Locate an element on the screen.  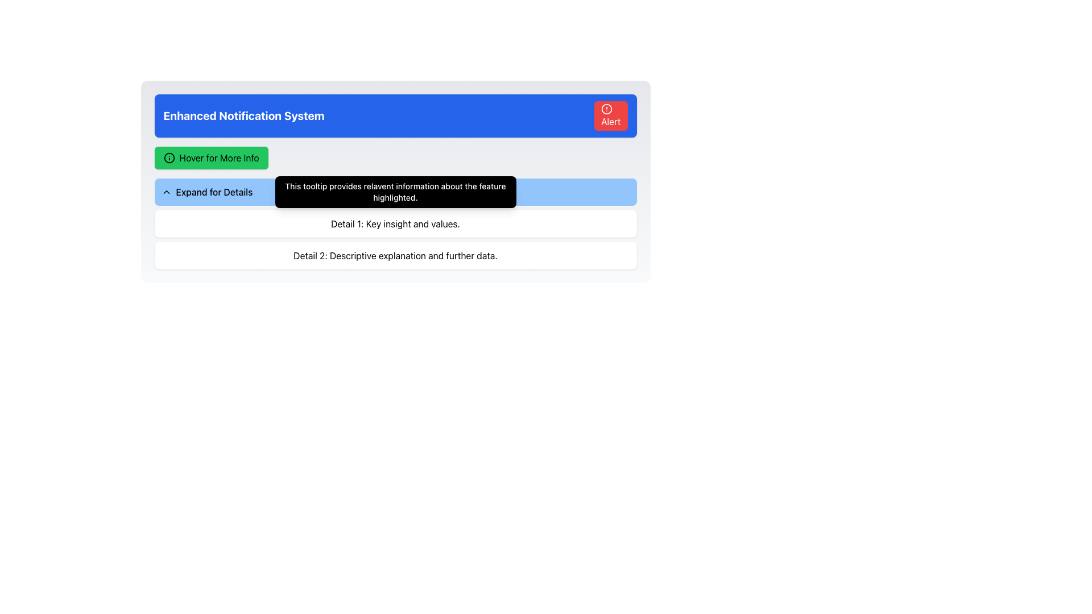
the information button located below the 'Enhanced Notification System' blue banner and above the 'Expand for Details' section is located at coordinates (211, 157).